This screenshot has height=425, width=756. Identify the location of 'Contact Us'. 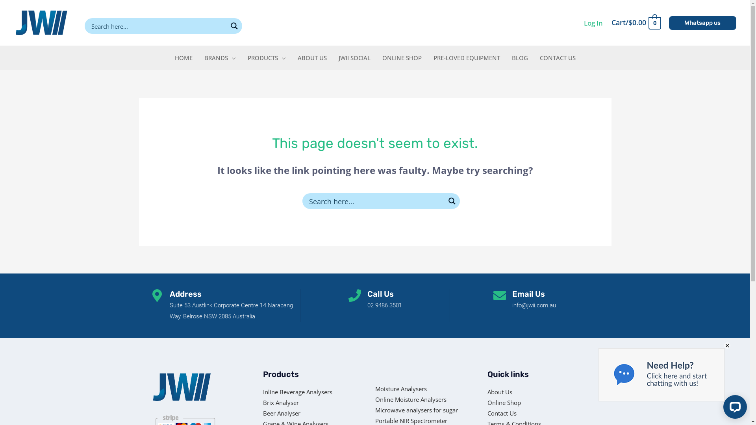
(514, 413).